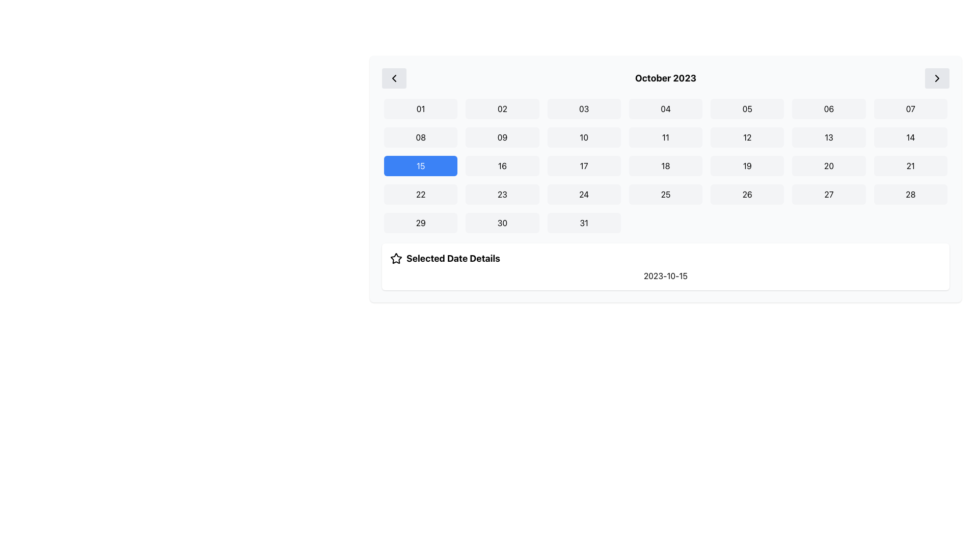  What do you see at coordinates (665, 166) in the screenshot?
I see `the button representing the date in the calendar grid located in the third row and fourth column, which is surrounded by other numbered buttons` at bounding box center [665, 166].